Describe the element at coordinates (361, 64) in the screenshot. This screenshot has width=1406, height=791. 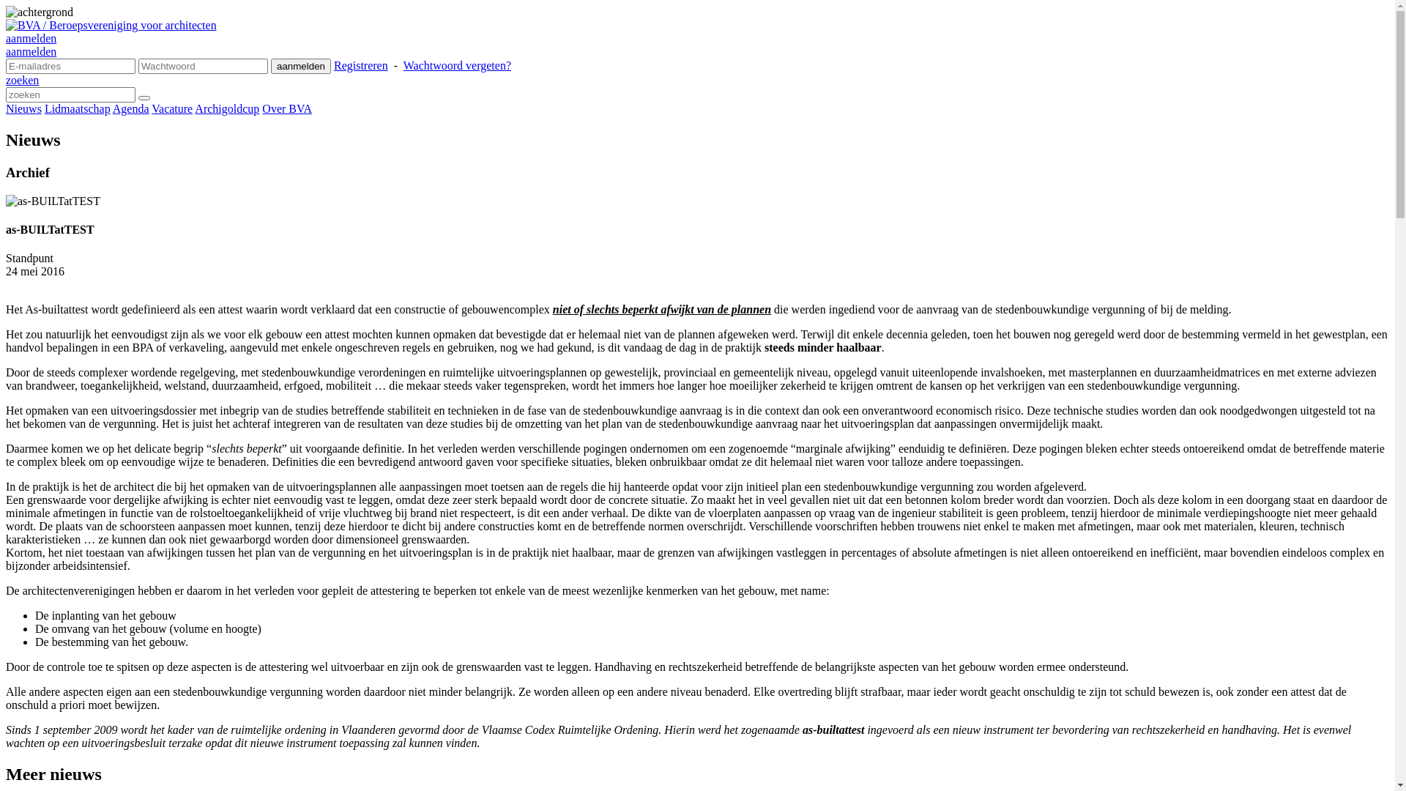
I see `'Registreren'` at that location.